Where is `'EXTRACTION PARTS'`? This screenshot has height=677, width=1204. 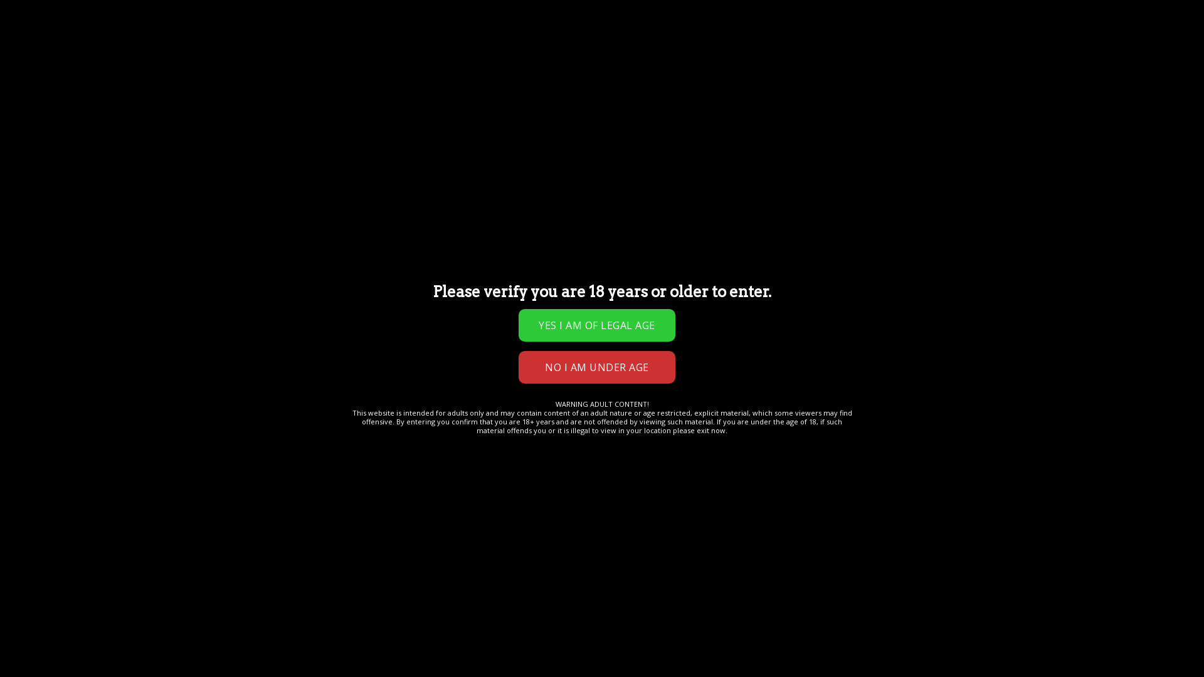
'EXTRACTION PARTS' is located at coordinates (248, 70).